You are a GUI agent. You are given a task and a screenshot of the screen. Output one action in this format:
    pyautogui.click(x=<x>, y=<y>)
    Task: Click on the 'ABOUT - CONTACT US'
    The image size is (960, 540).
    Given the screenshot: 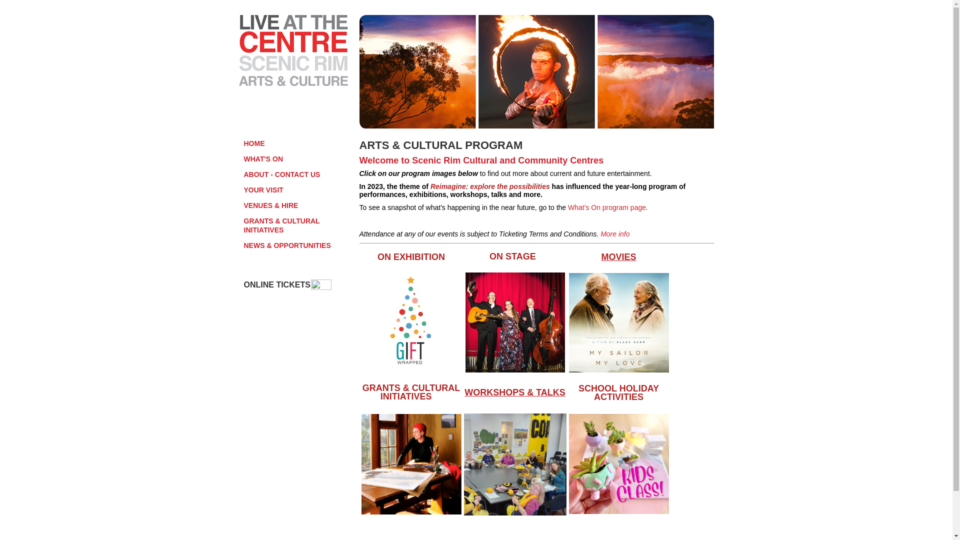 What is the action you would take?
    pyautogui.click(x=297, y=173)
    